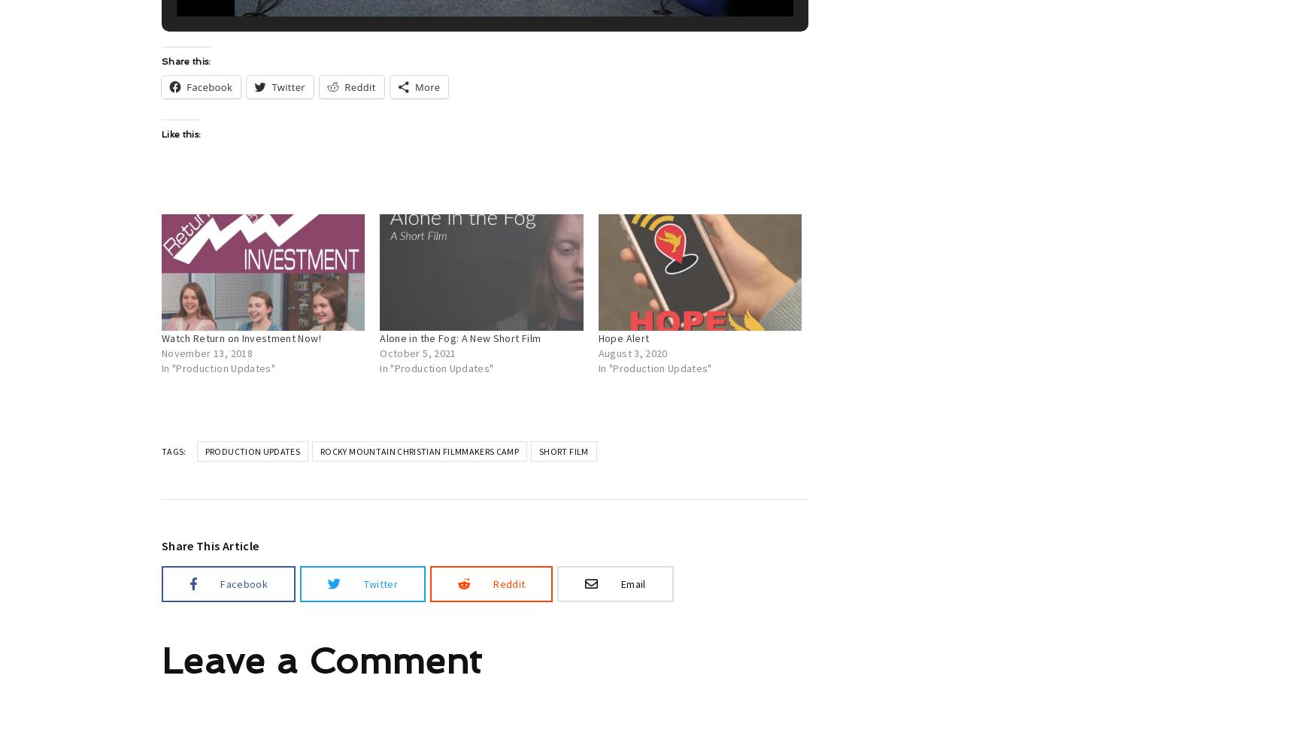 This screenshot has width=1316, height=742. Describe the element at coordinates (320, 659) in the screenshot. I see `'Leave a Comment'` at that location.